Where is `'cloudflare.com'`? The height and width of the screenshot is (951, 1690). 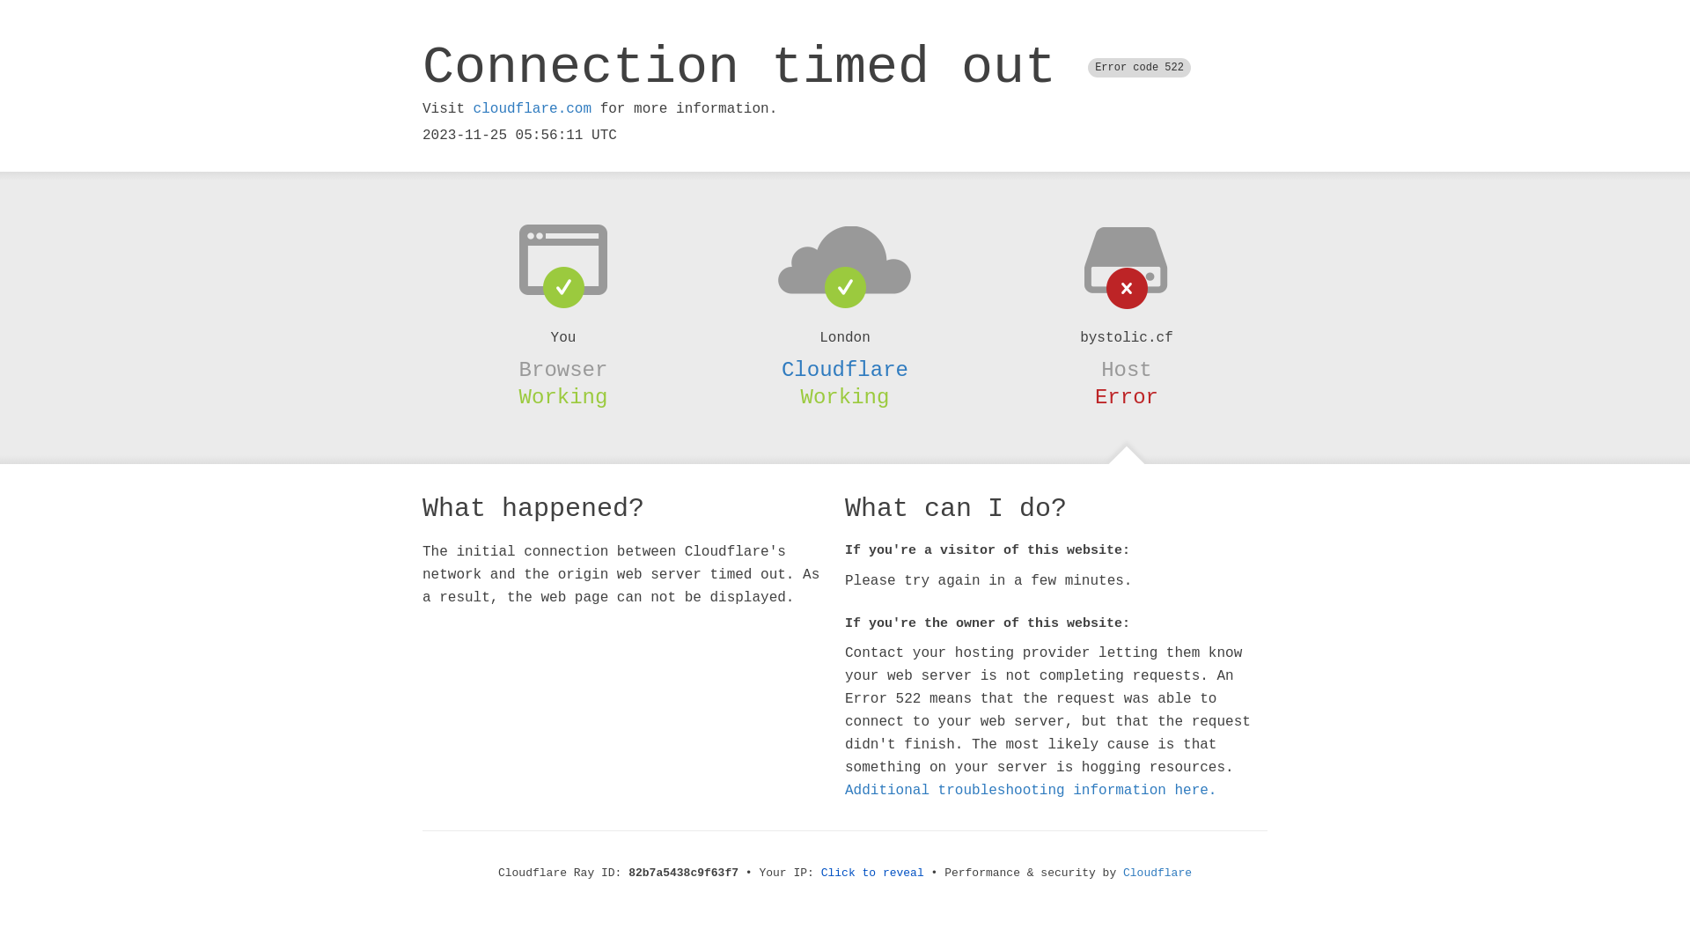
'cloudflare.com' is located at coordinates (531, 108).